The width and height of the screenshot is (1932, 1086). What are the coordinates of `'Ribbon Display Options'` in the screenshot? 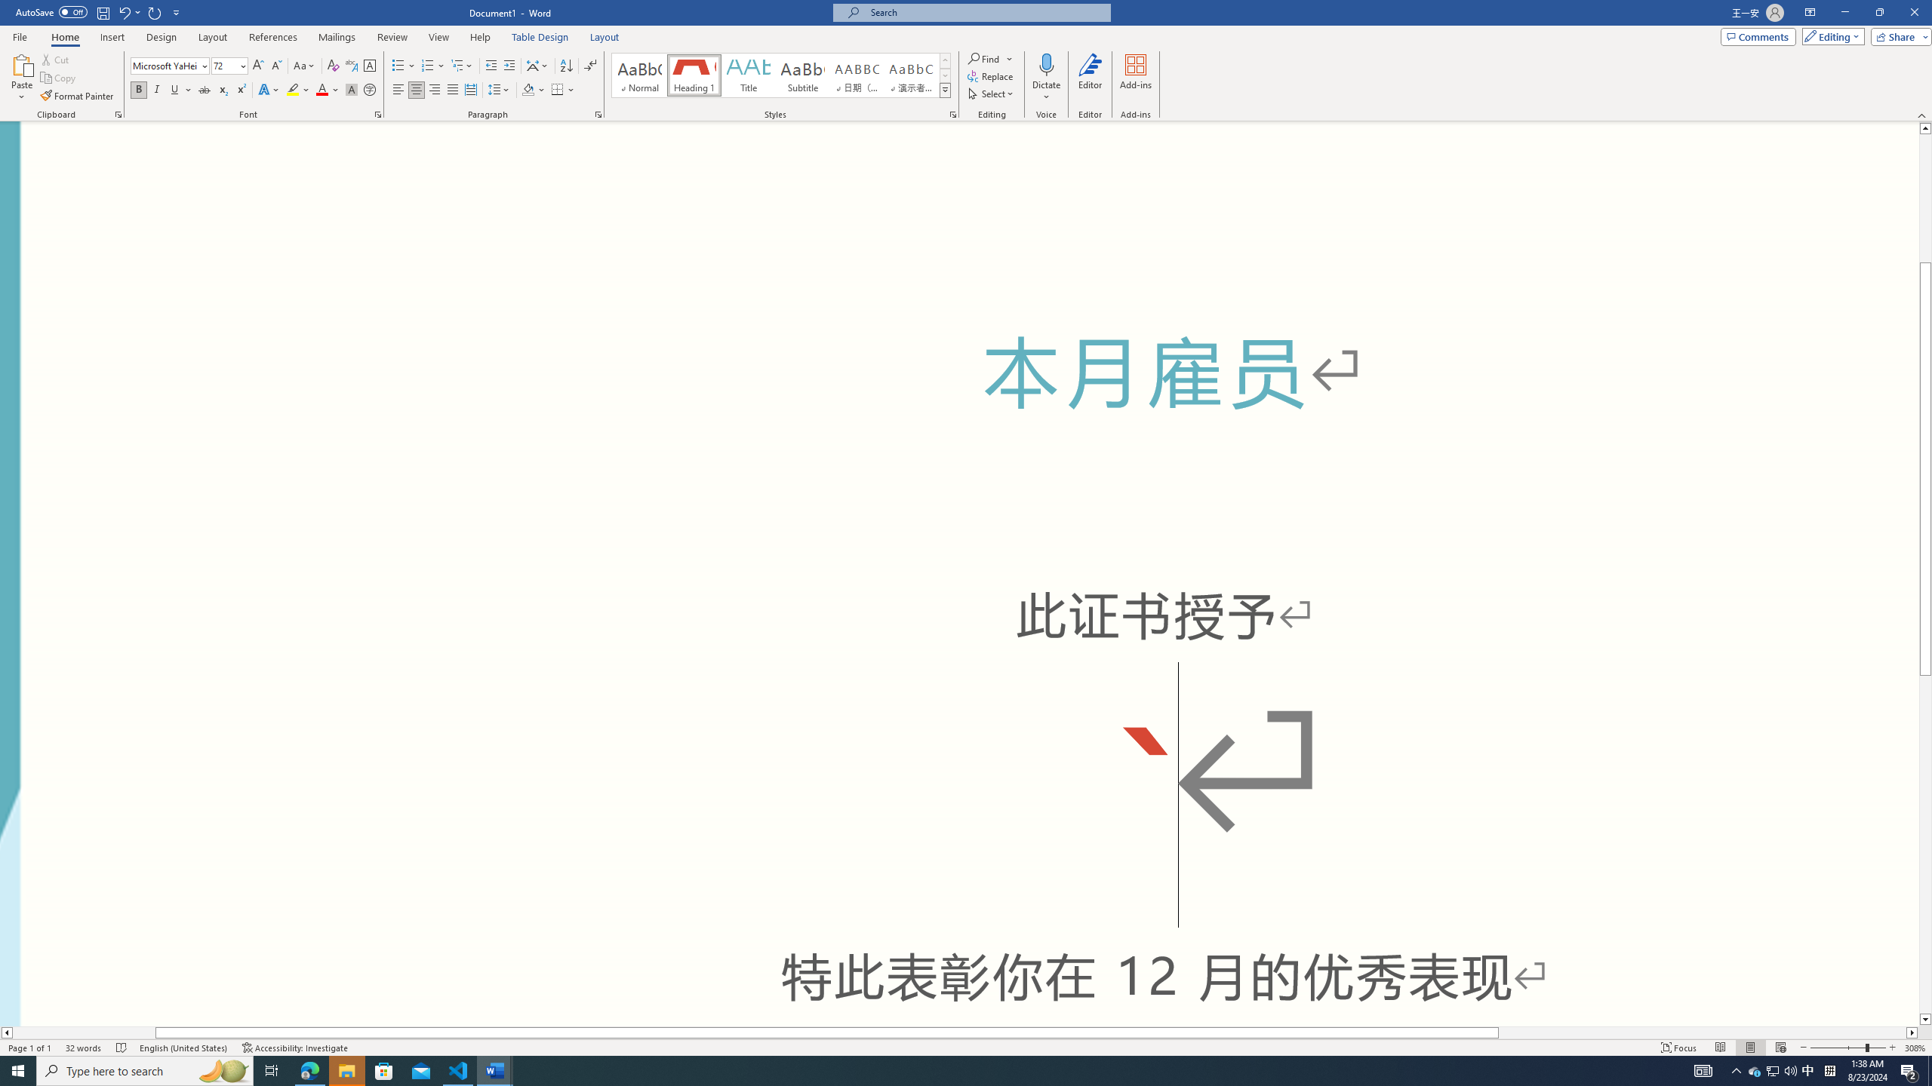 It's located at (1809, 12).